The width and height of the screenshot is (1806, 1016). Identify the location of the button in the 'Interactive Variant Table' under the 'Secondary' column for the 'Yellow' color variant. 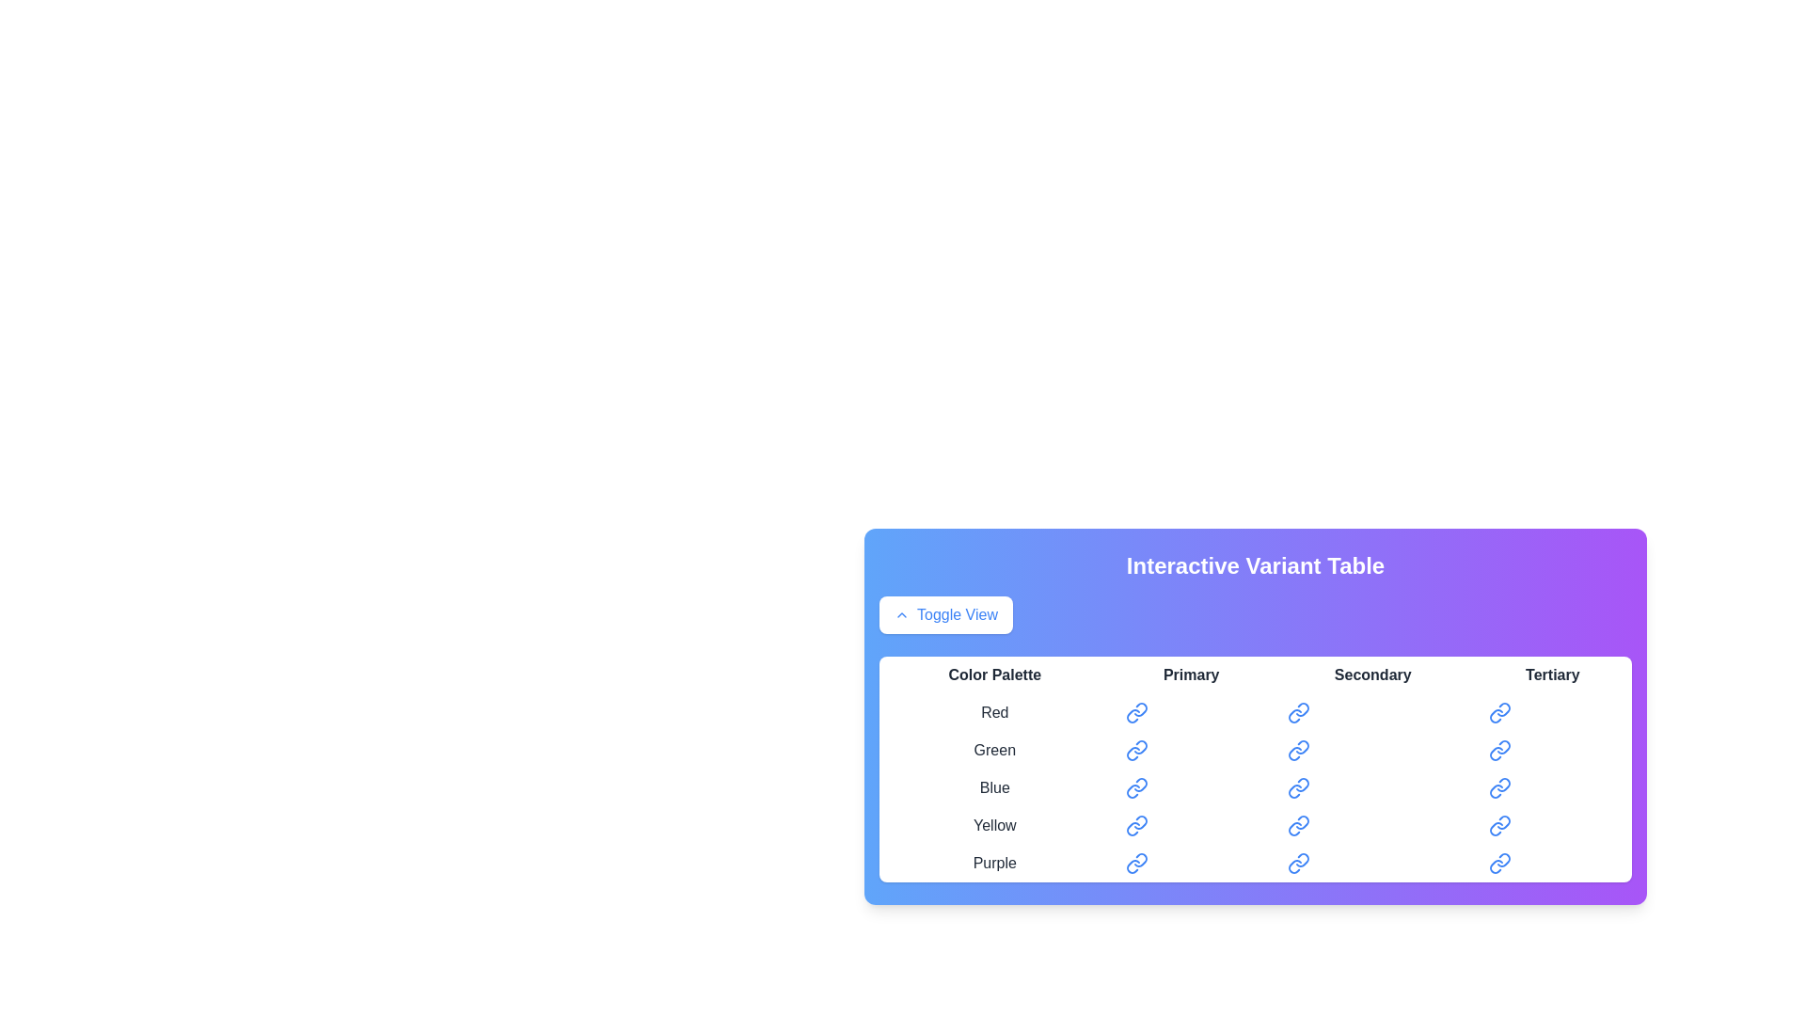
(1372, 825).